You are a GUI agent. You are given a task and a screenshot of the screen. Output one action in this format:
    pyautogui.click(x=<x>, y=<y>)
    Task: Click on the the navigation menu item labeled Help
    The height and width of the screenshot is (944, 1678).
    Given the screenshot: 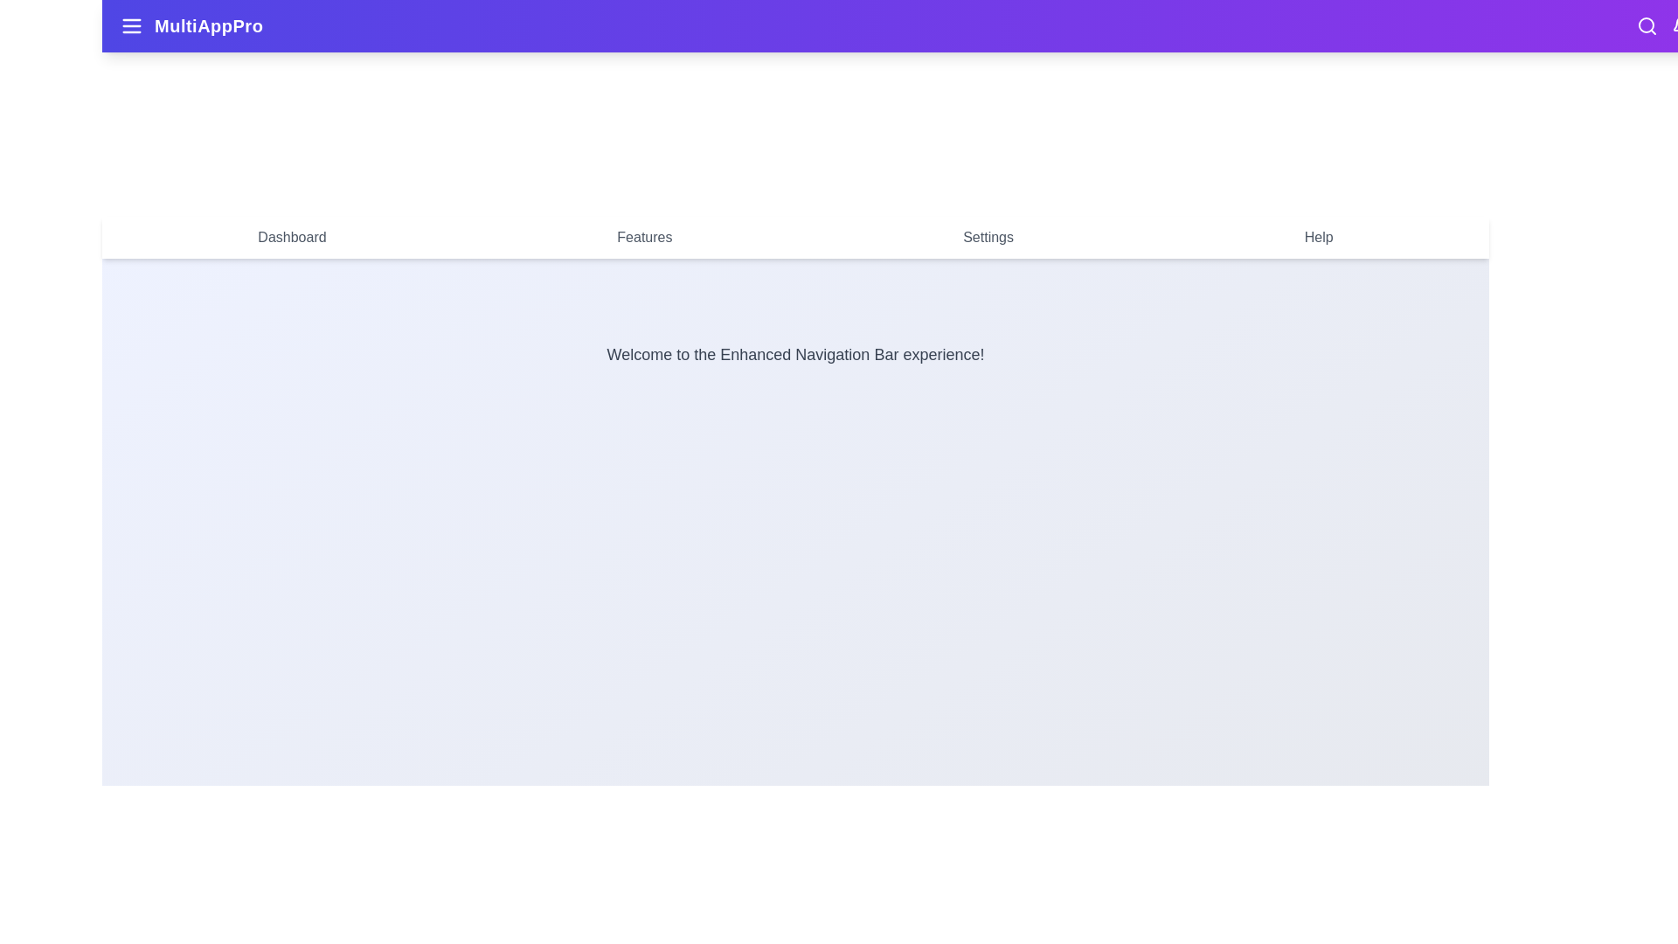 What is the action you would take?
    pyautogui.click(x=1318, y=238)
    